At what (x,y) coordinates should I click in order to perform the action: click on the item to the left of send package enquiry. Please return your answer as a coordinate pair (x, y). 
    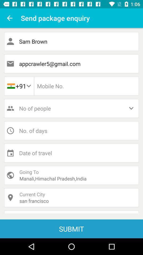
    Looking at the image, I should click on (10, 18).